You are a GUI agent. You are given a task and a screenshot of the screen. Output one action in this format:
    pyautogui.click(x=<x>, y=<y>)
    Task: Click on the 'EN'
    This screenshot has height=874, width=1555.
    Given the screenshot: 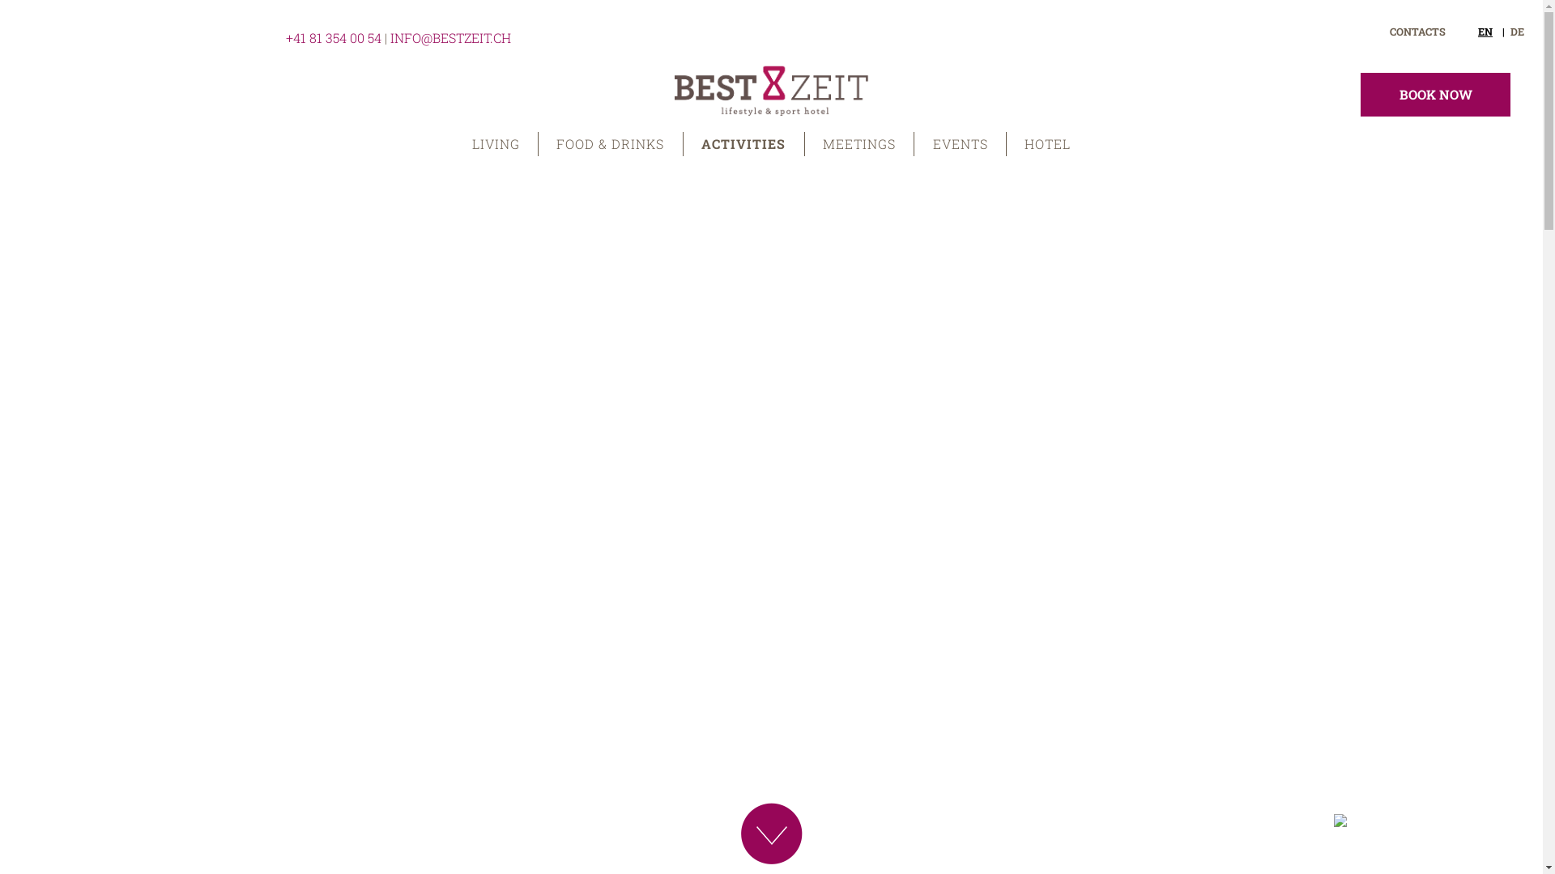 What is the action you would take?
    pyautogui.click(x=1516, y=31)
    